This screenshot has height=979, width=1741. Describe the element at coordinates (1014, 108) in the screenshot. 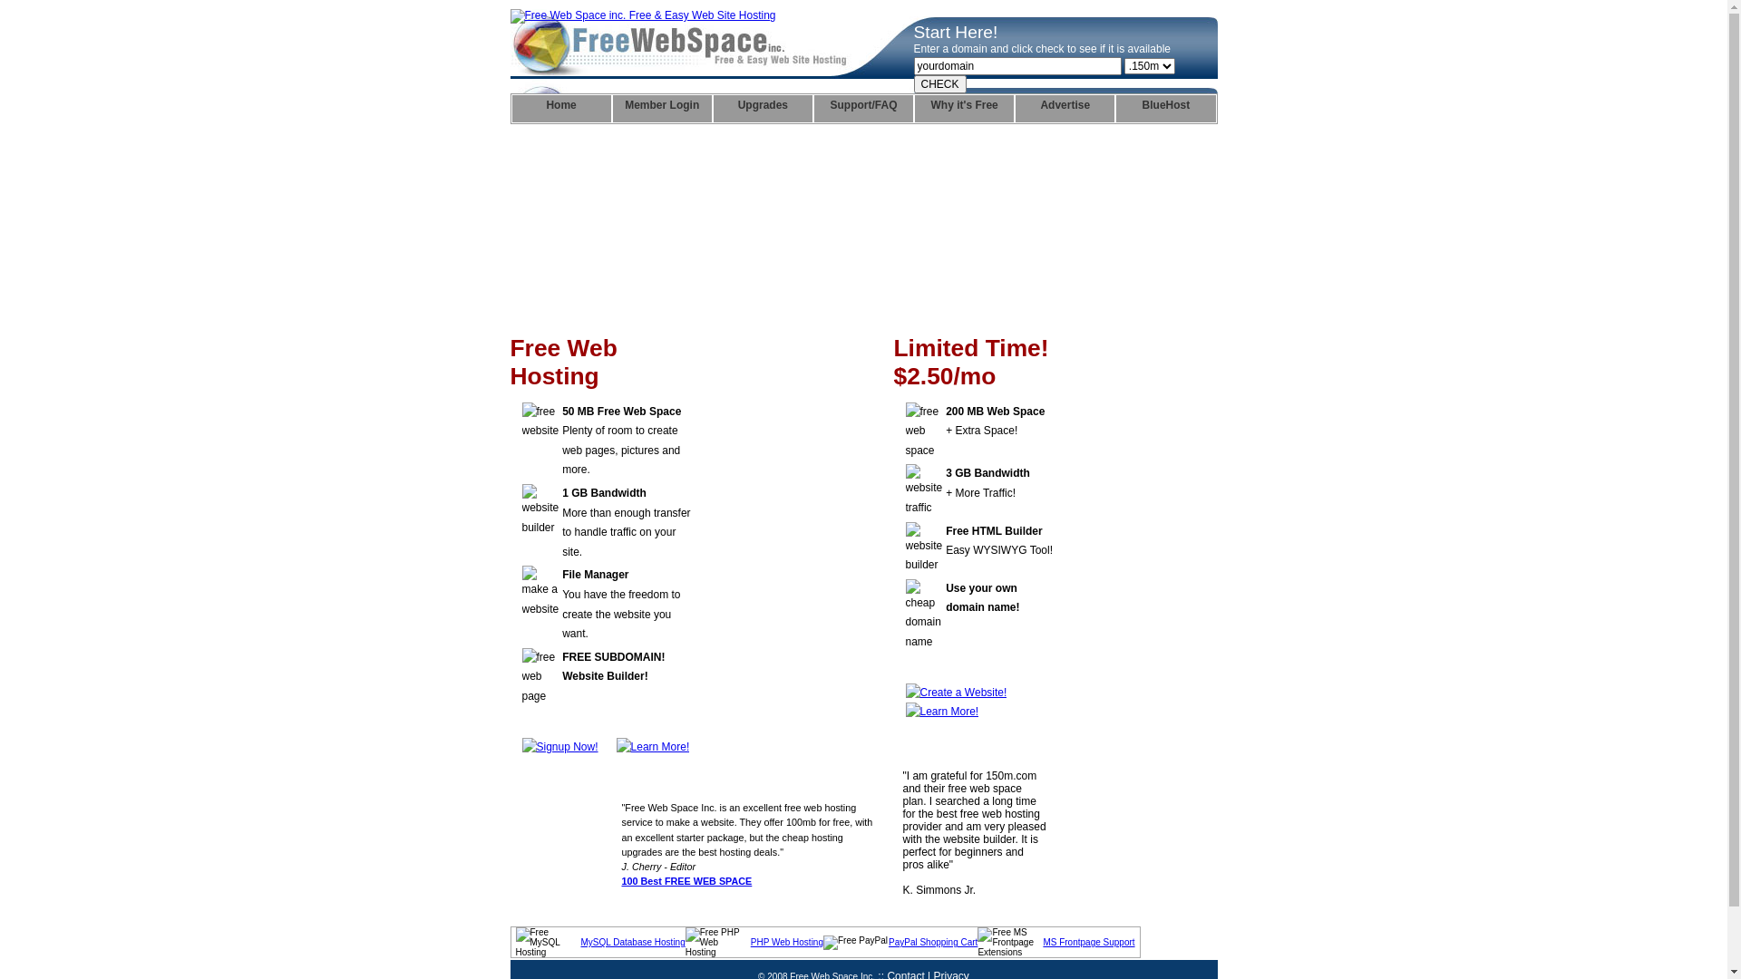

I see `'Advertise'` at that location.